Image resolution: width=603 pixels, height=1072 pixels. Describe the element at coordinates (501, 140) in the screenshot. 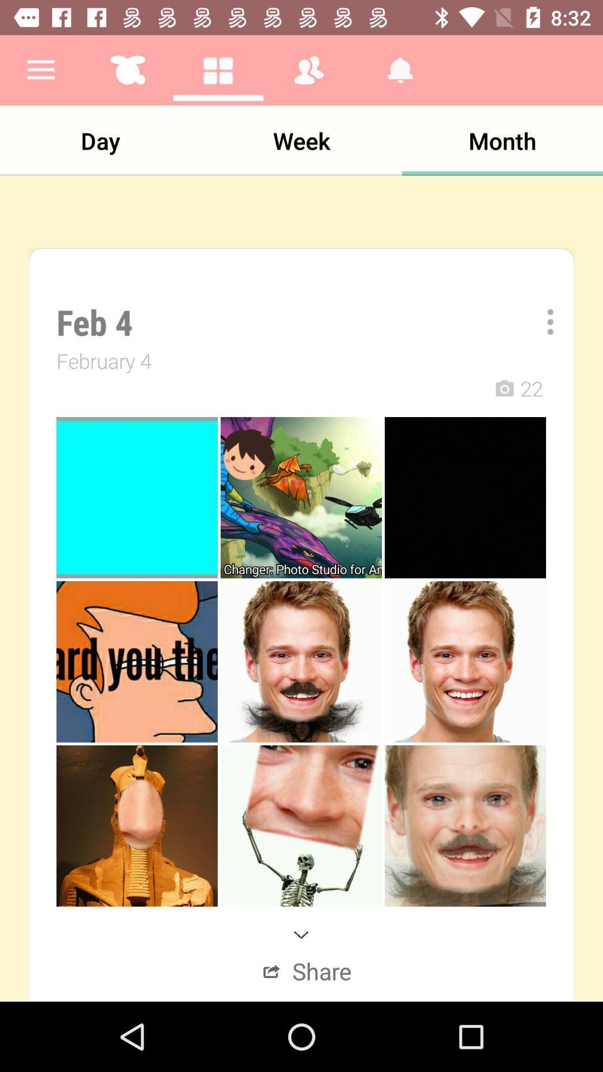

I see `the item next to week app` at that location.